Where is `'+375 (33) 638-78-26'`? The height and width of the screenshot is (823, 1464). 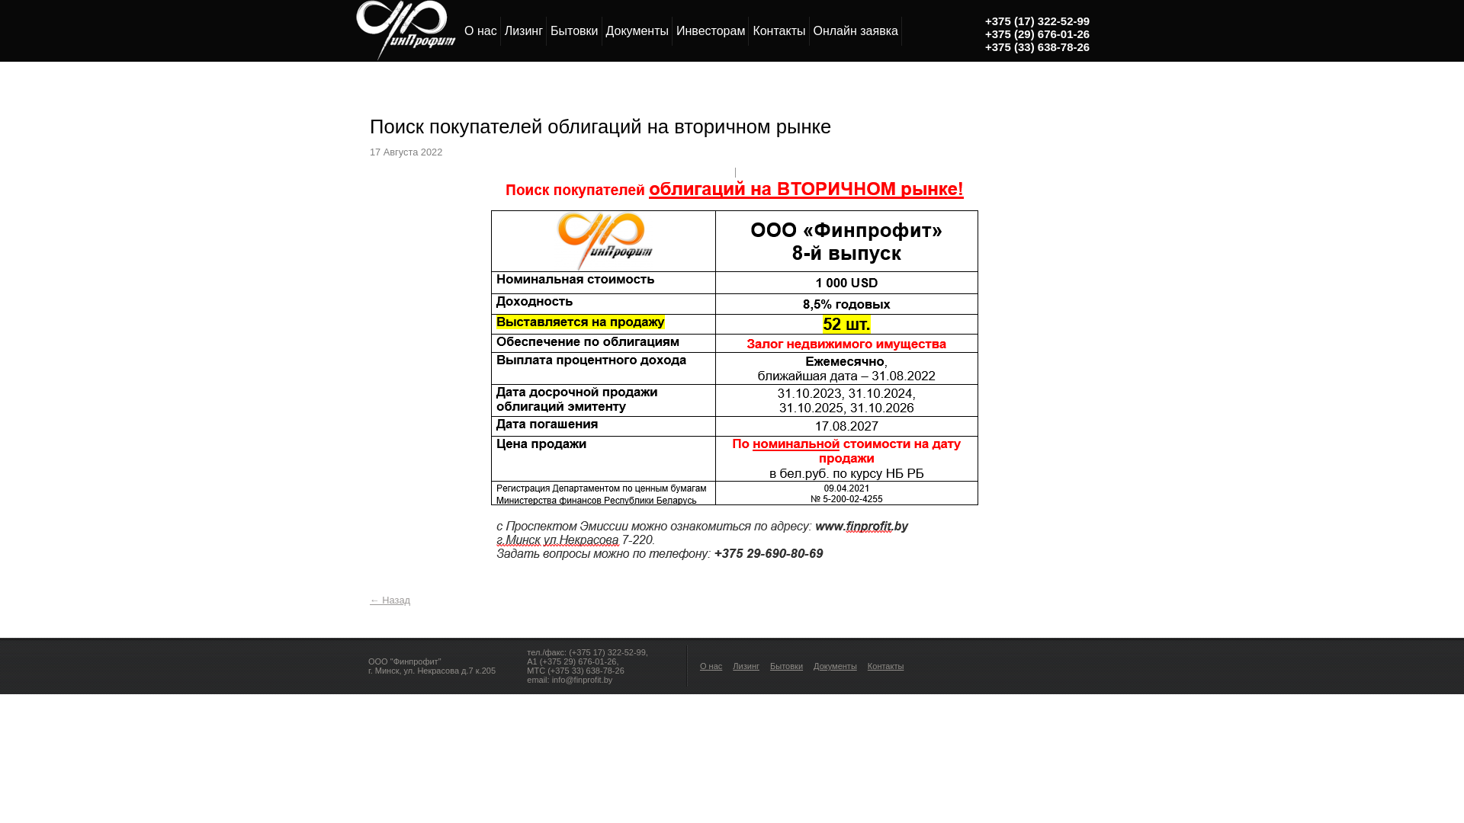
'+375 (33) 638-78-26' is located at coordinates (1037, 46).